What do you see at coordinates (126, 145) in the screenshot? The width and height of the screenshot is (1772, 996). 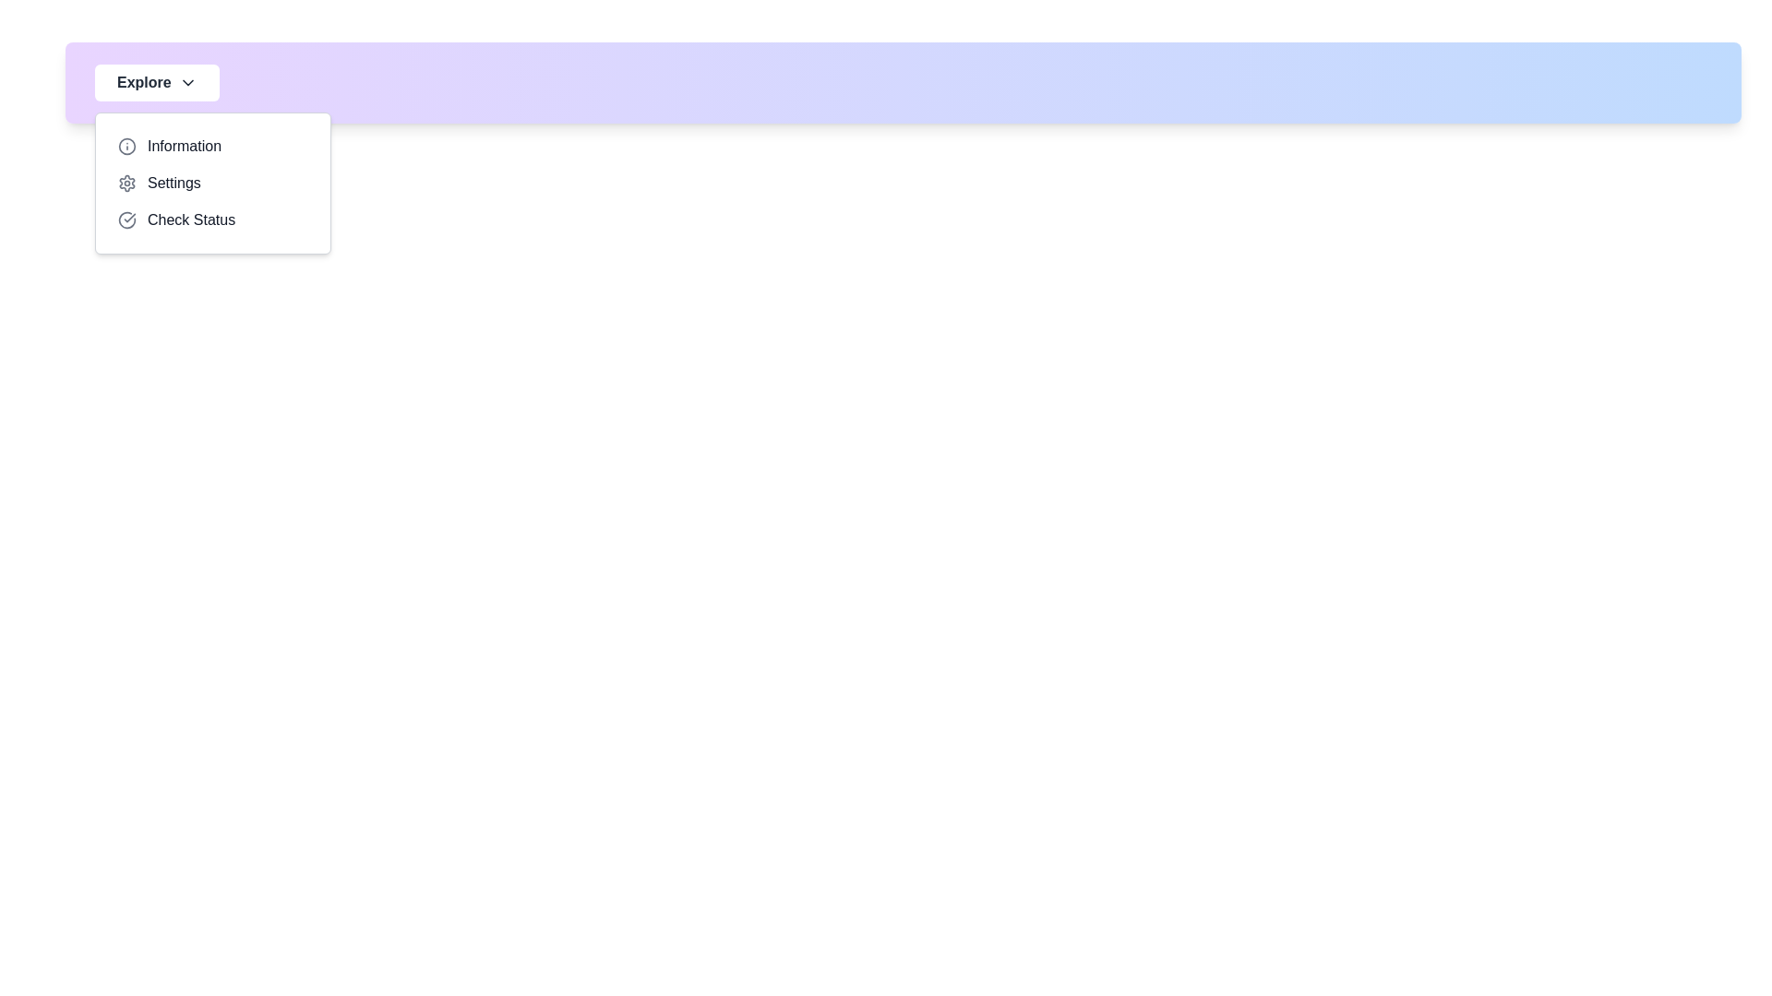 I see `the icon of Information to trigger its feedback` at bounding box center [126, 145].